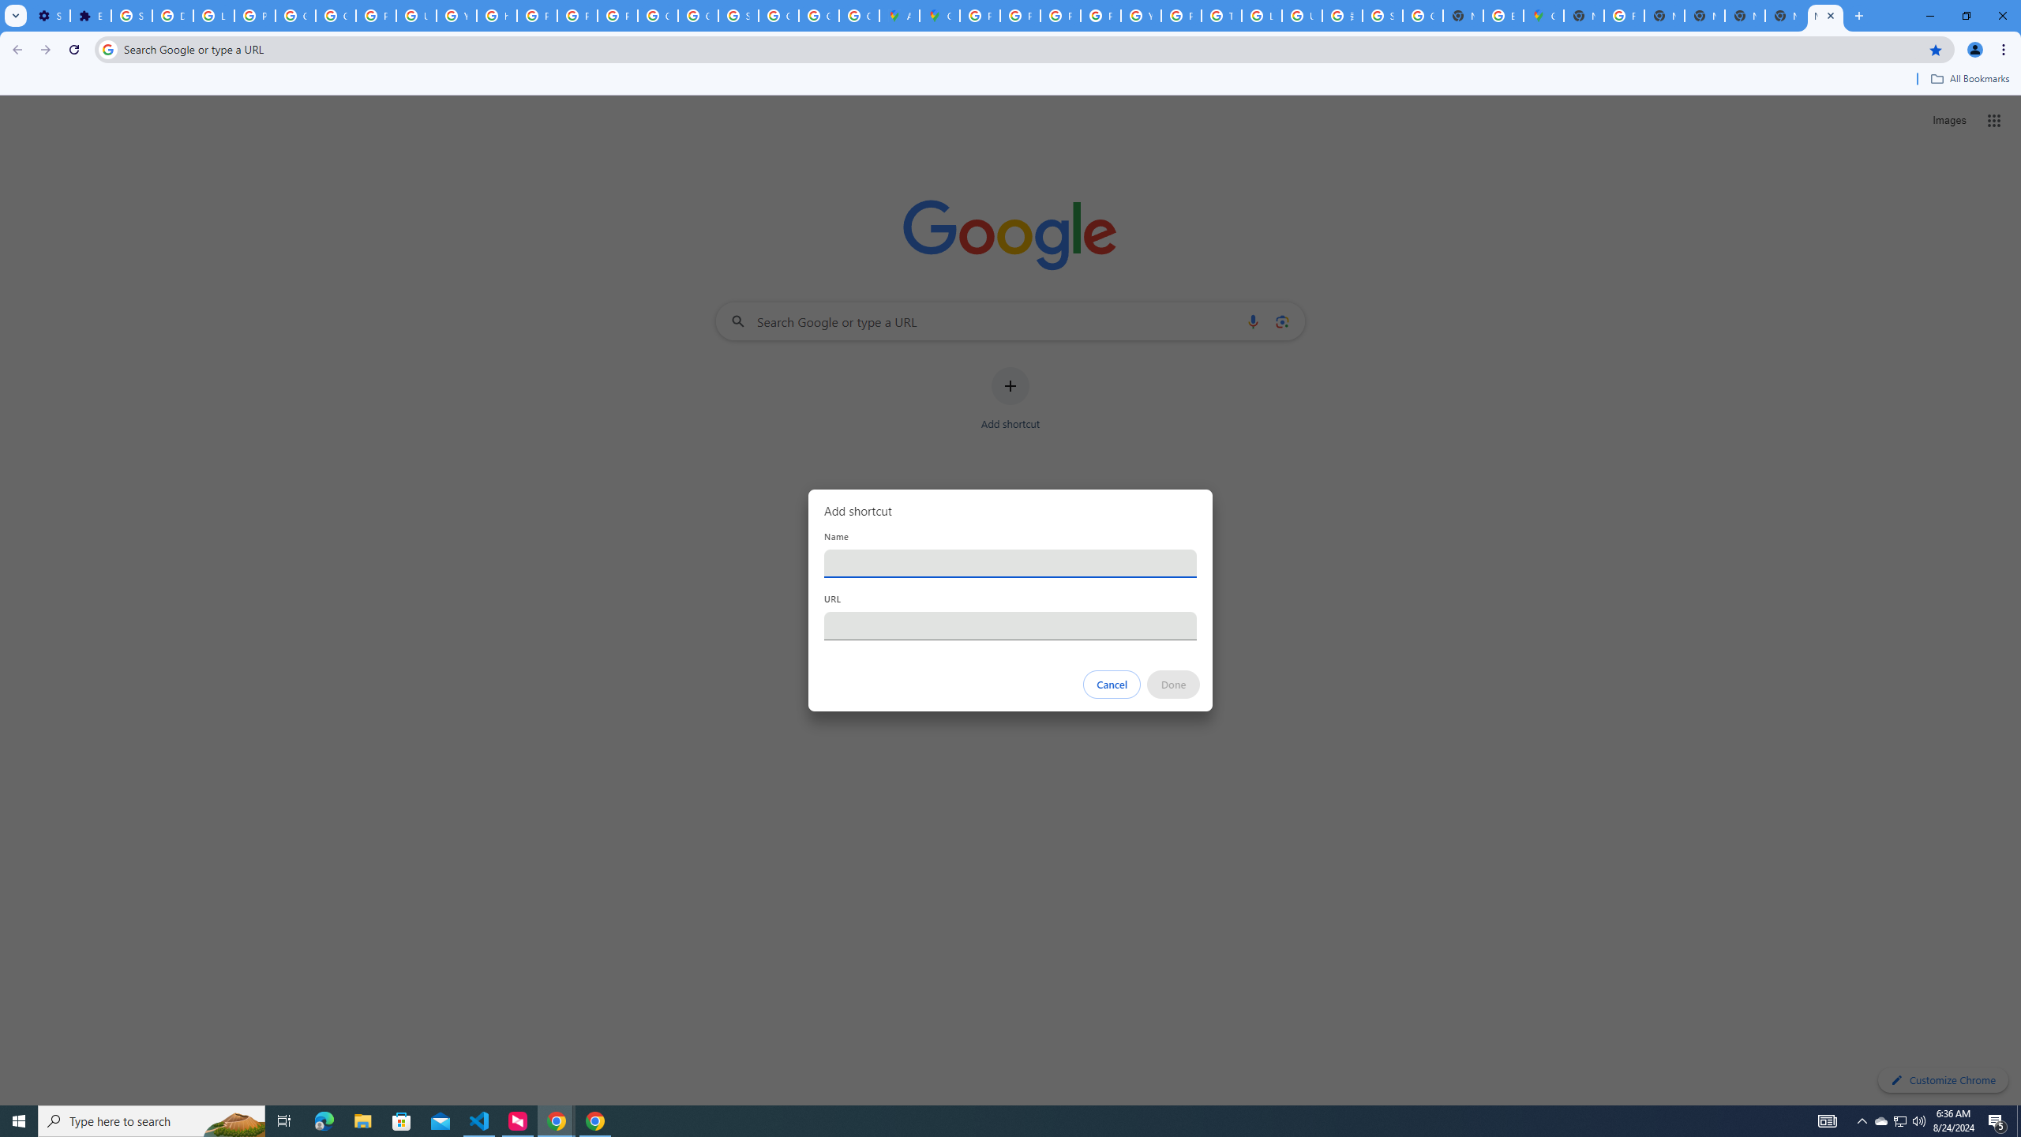  Describe the element at coordinates (1112, 684) in the screenshot. I see `'Cancel'` at that location.